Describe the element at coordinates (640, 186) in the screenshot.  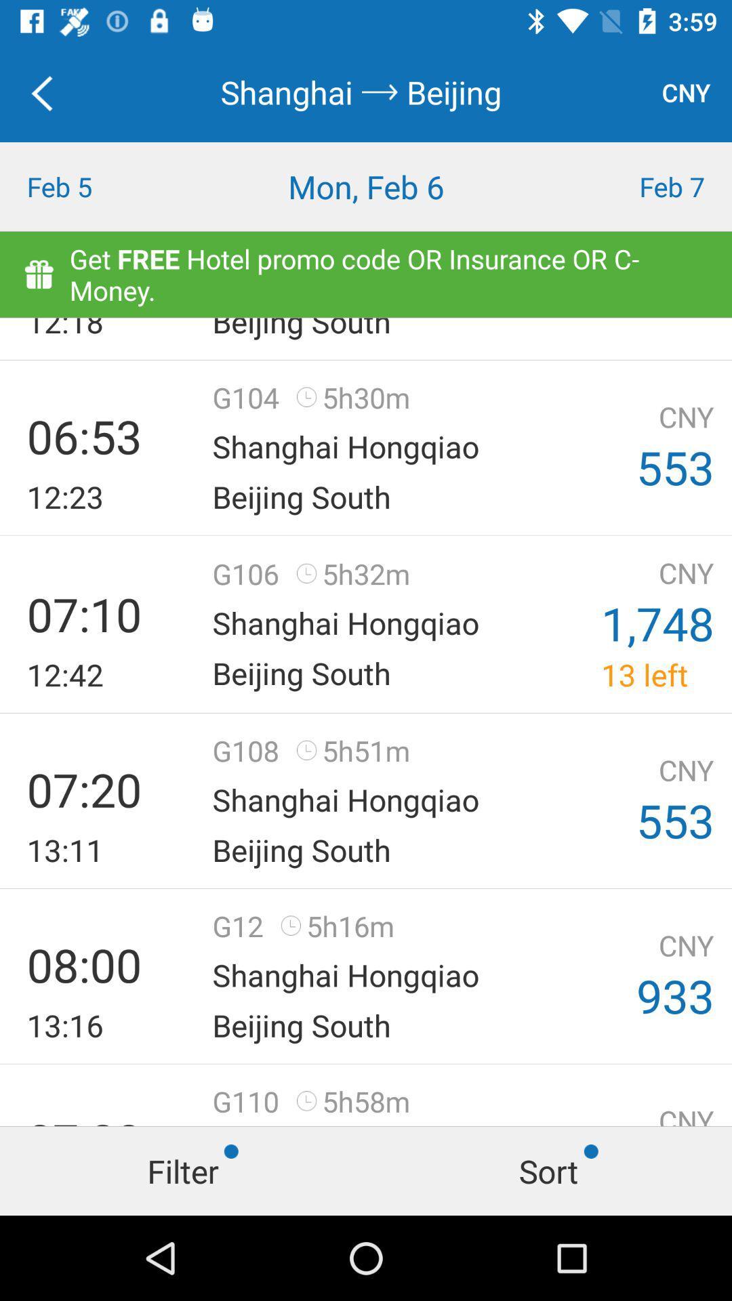
I see `feb 7 item` at that location.